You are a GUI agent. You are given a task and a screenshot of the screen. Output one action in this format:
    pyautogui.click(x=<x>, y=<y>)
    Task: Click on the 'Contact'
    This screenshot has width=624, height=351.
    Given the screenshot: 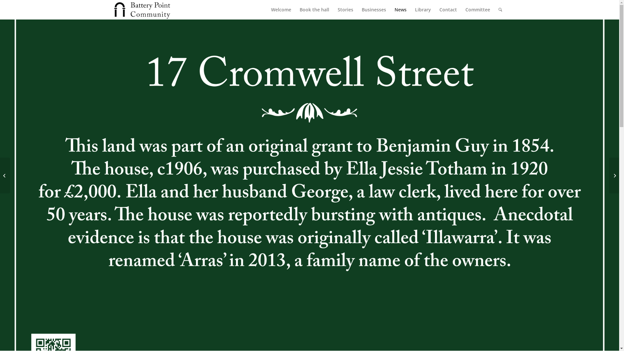 What is the action you would take?
    pyautogui.click(x=447, y=10)
    